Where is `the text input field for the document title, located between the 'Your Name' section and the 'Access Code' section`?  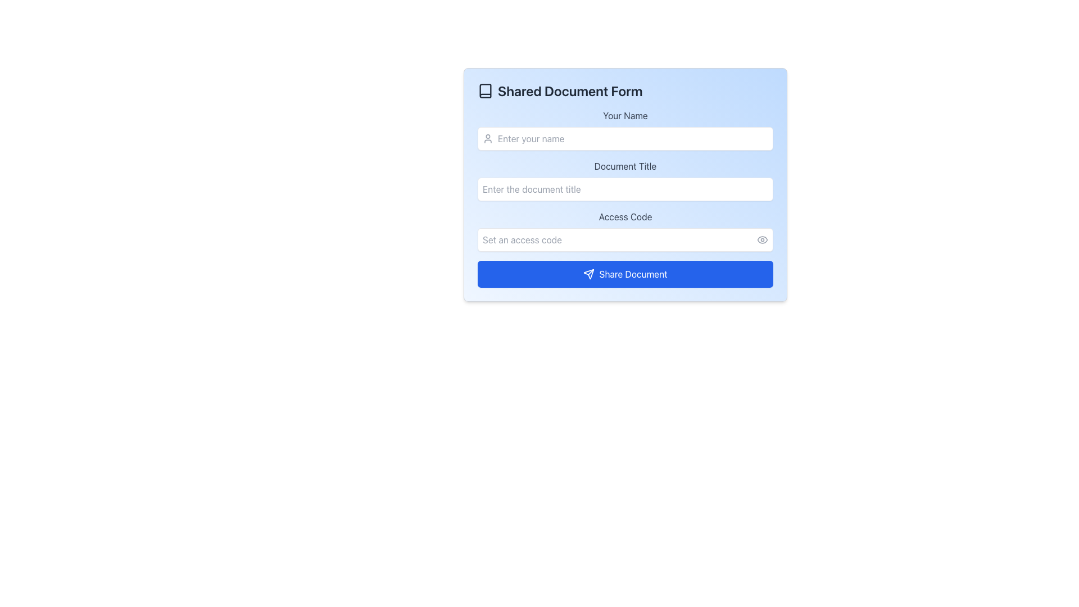
the text input field for the document title, located between the 'Your Name' section and the 'Access Code' section is located at coordinates (625, 198).